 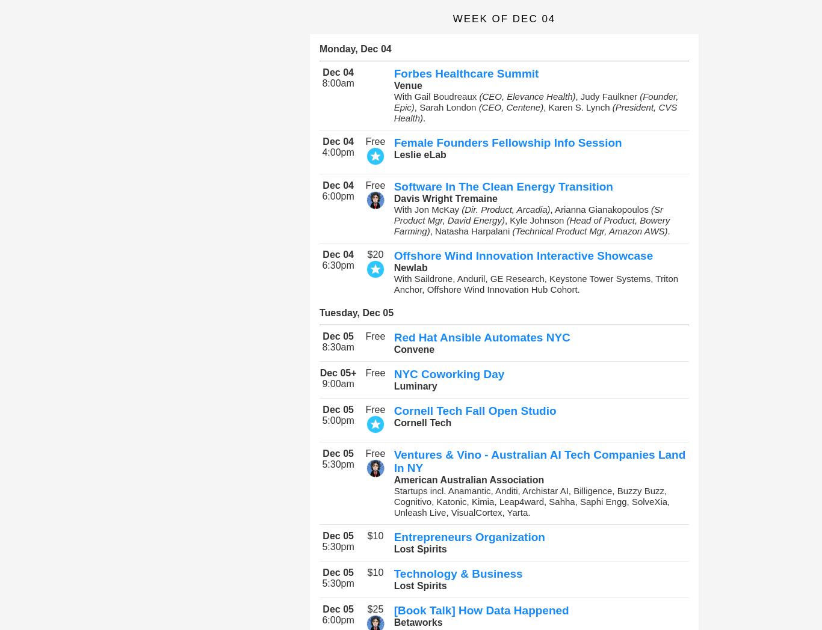 I want to click on 'Dec 05+', so click(x=338, y=372).